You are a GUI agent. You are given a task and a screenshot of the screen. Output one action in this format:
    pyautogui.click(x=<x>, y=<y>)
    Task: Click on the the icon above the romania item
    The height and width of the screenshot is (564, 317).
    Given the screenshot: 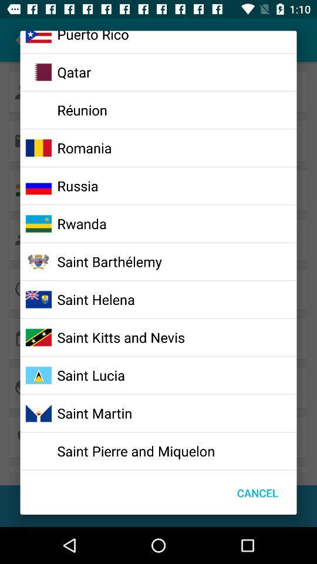 What is the action you would take?
    pyautogui.click(x=82, y=110)
    